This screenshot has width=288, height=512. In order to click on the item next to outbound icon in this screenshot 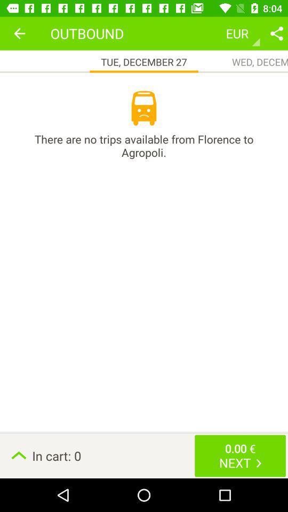, I will do `click(19, 33)`.